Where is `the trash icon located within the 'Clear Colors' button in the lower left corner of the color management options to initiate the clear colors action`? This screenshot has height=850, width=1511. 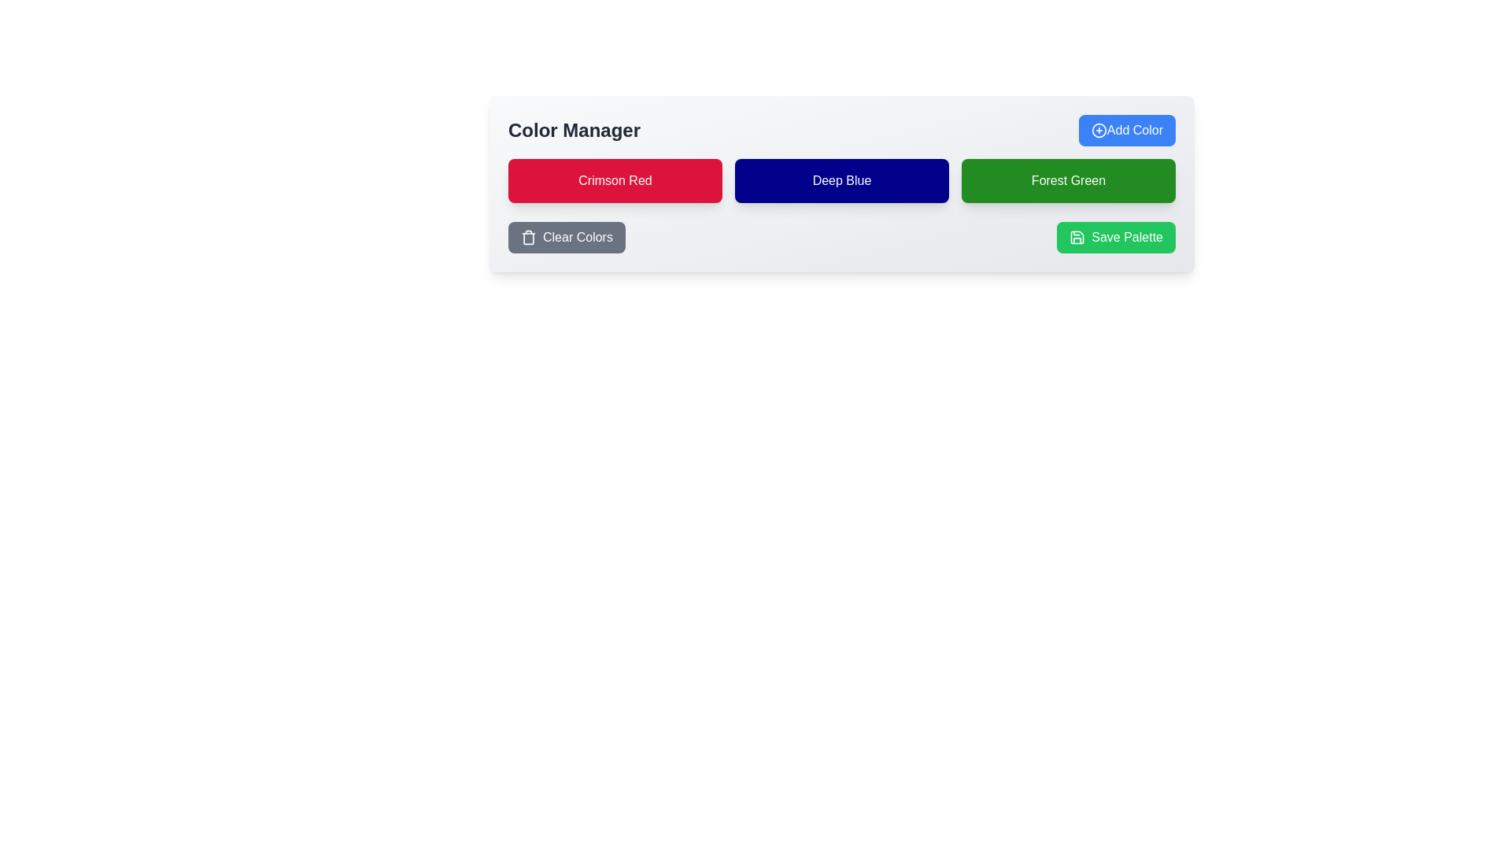 the trash icon located within the 'Clear Colors' button in the lower left corner of the color management options to initiate the clear colors action is located at coordinates (529, 237).